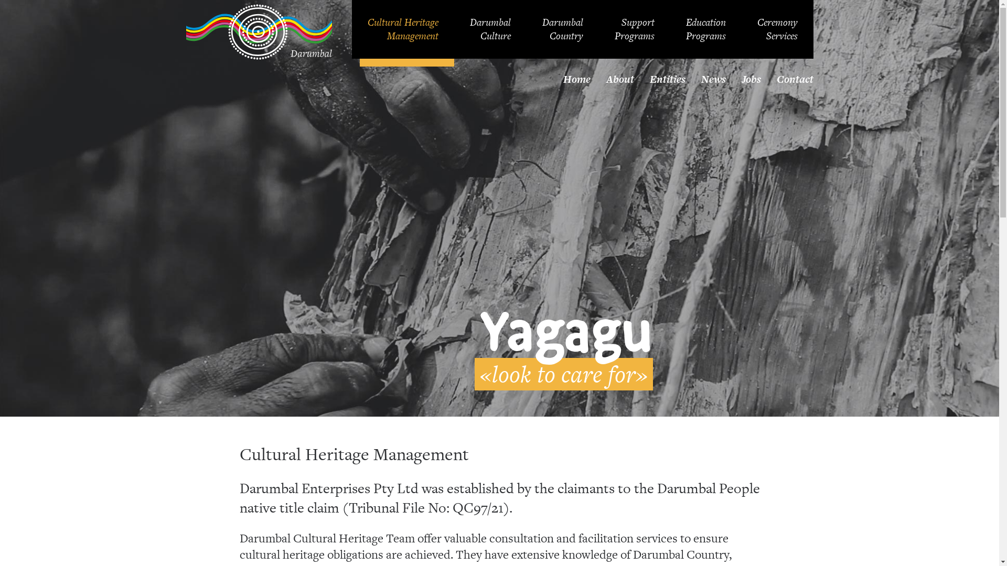  I want to click on 'Home', so click(576, 79).